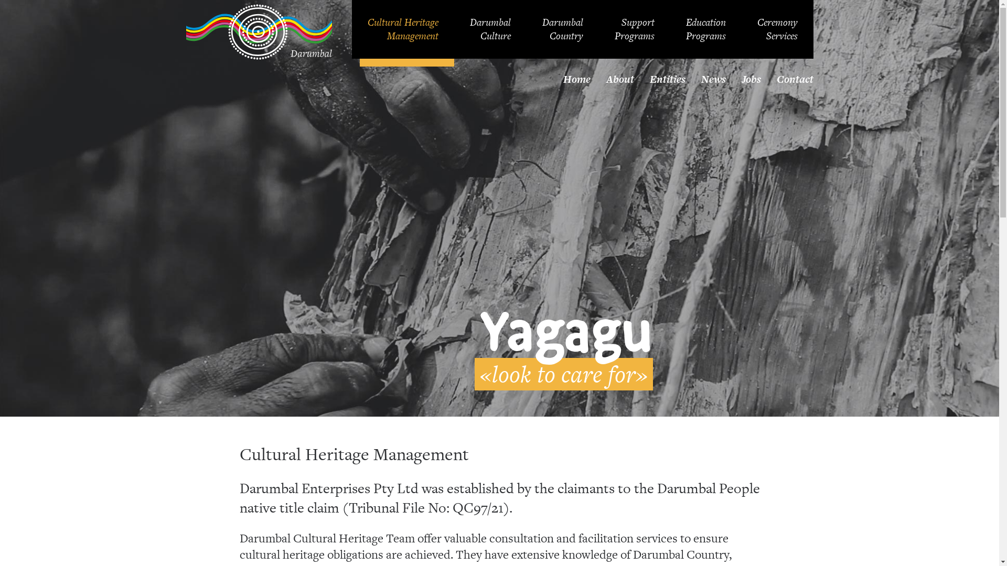  I want to click on 'Home', so click(576, 79).